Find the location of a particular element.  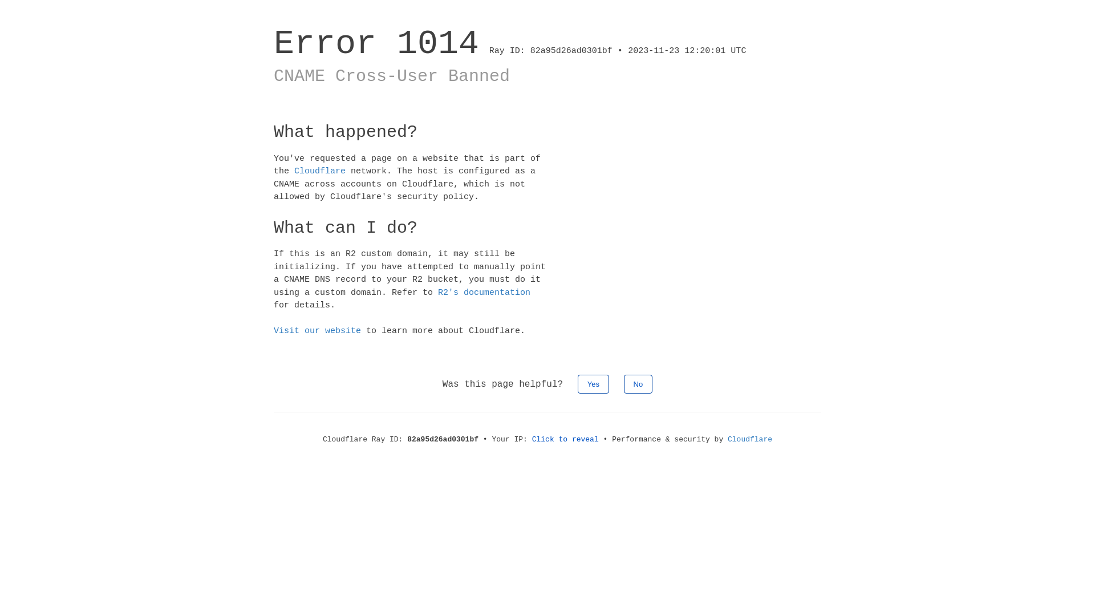

'Yes' is located at coordinates (577, 383).